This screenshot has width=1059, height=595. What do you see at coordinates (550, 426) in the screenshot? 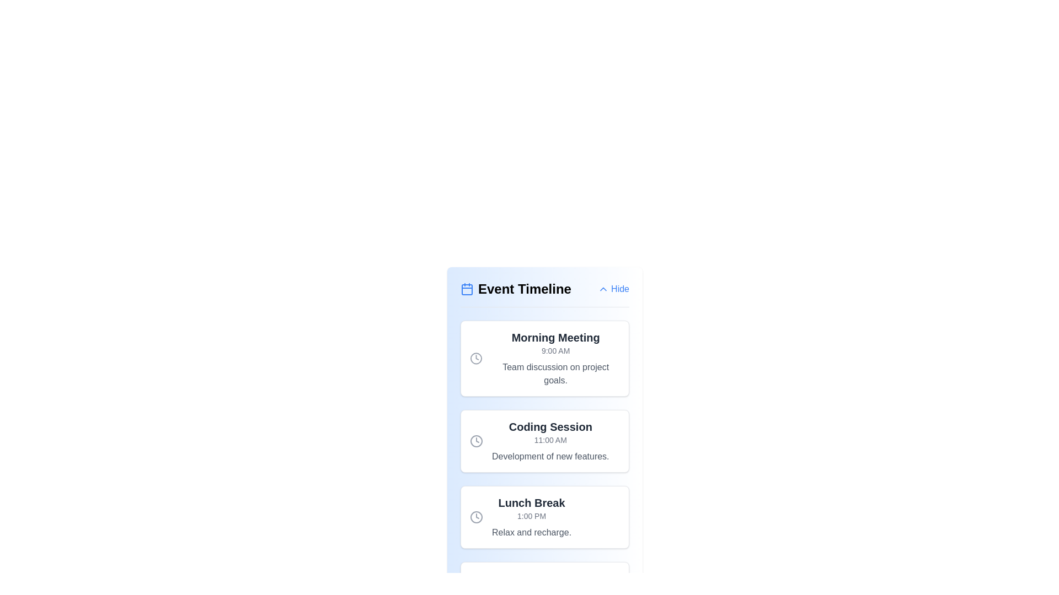
I see `title text of the event listed in the second card under the 'Event Timeline' section, positioned above the time label showing '11:00 AM'` at bounding box center [550, 426].